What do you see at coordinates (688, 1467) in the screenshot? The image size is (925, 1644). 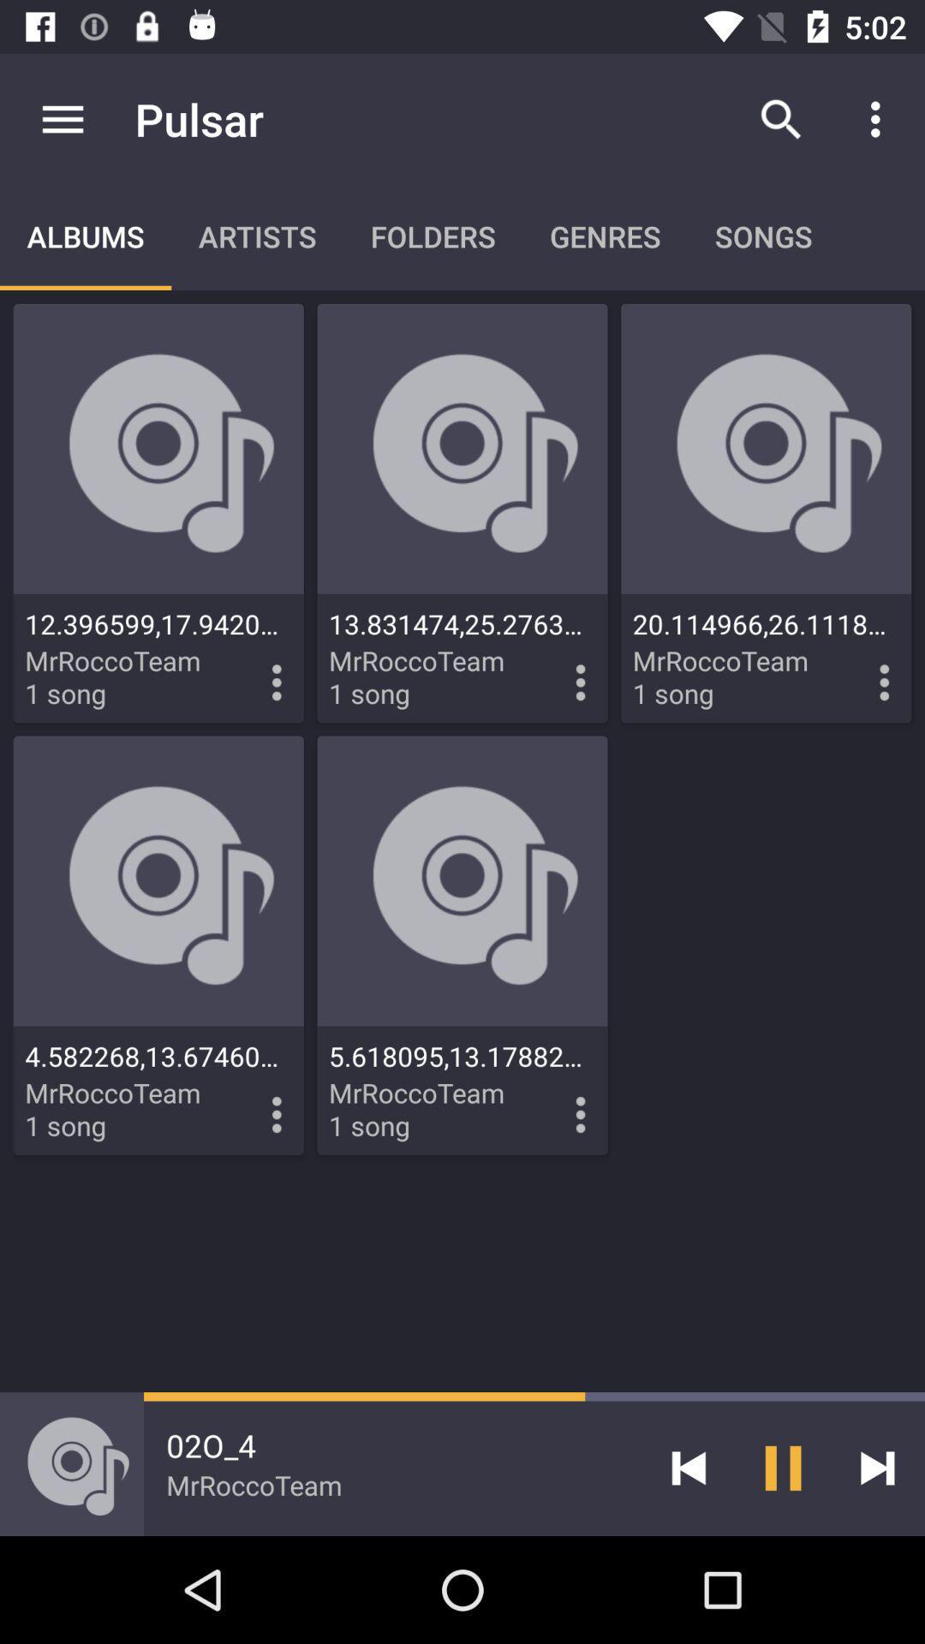 I see `item next to the 02o_4` at bounding box center [688, 1467].